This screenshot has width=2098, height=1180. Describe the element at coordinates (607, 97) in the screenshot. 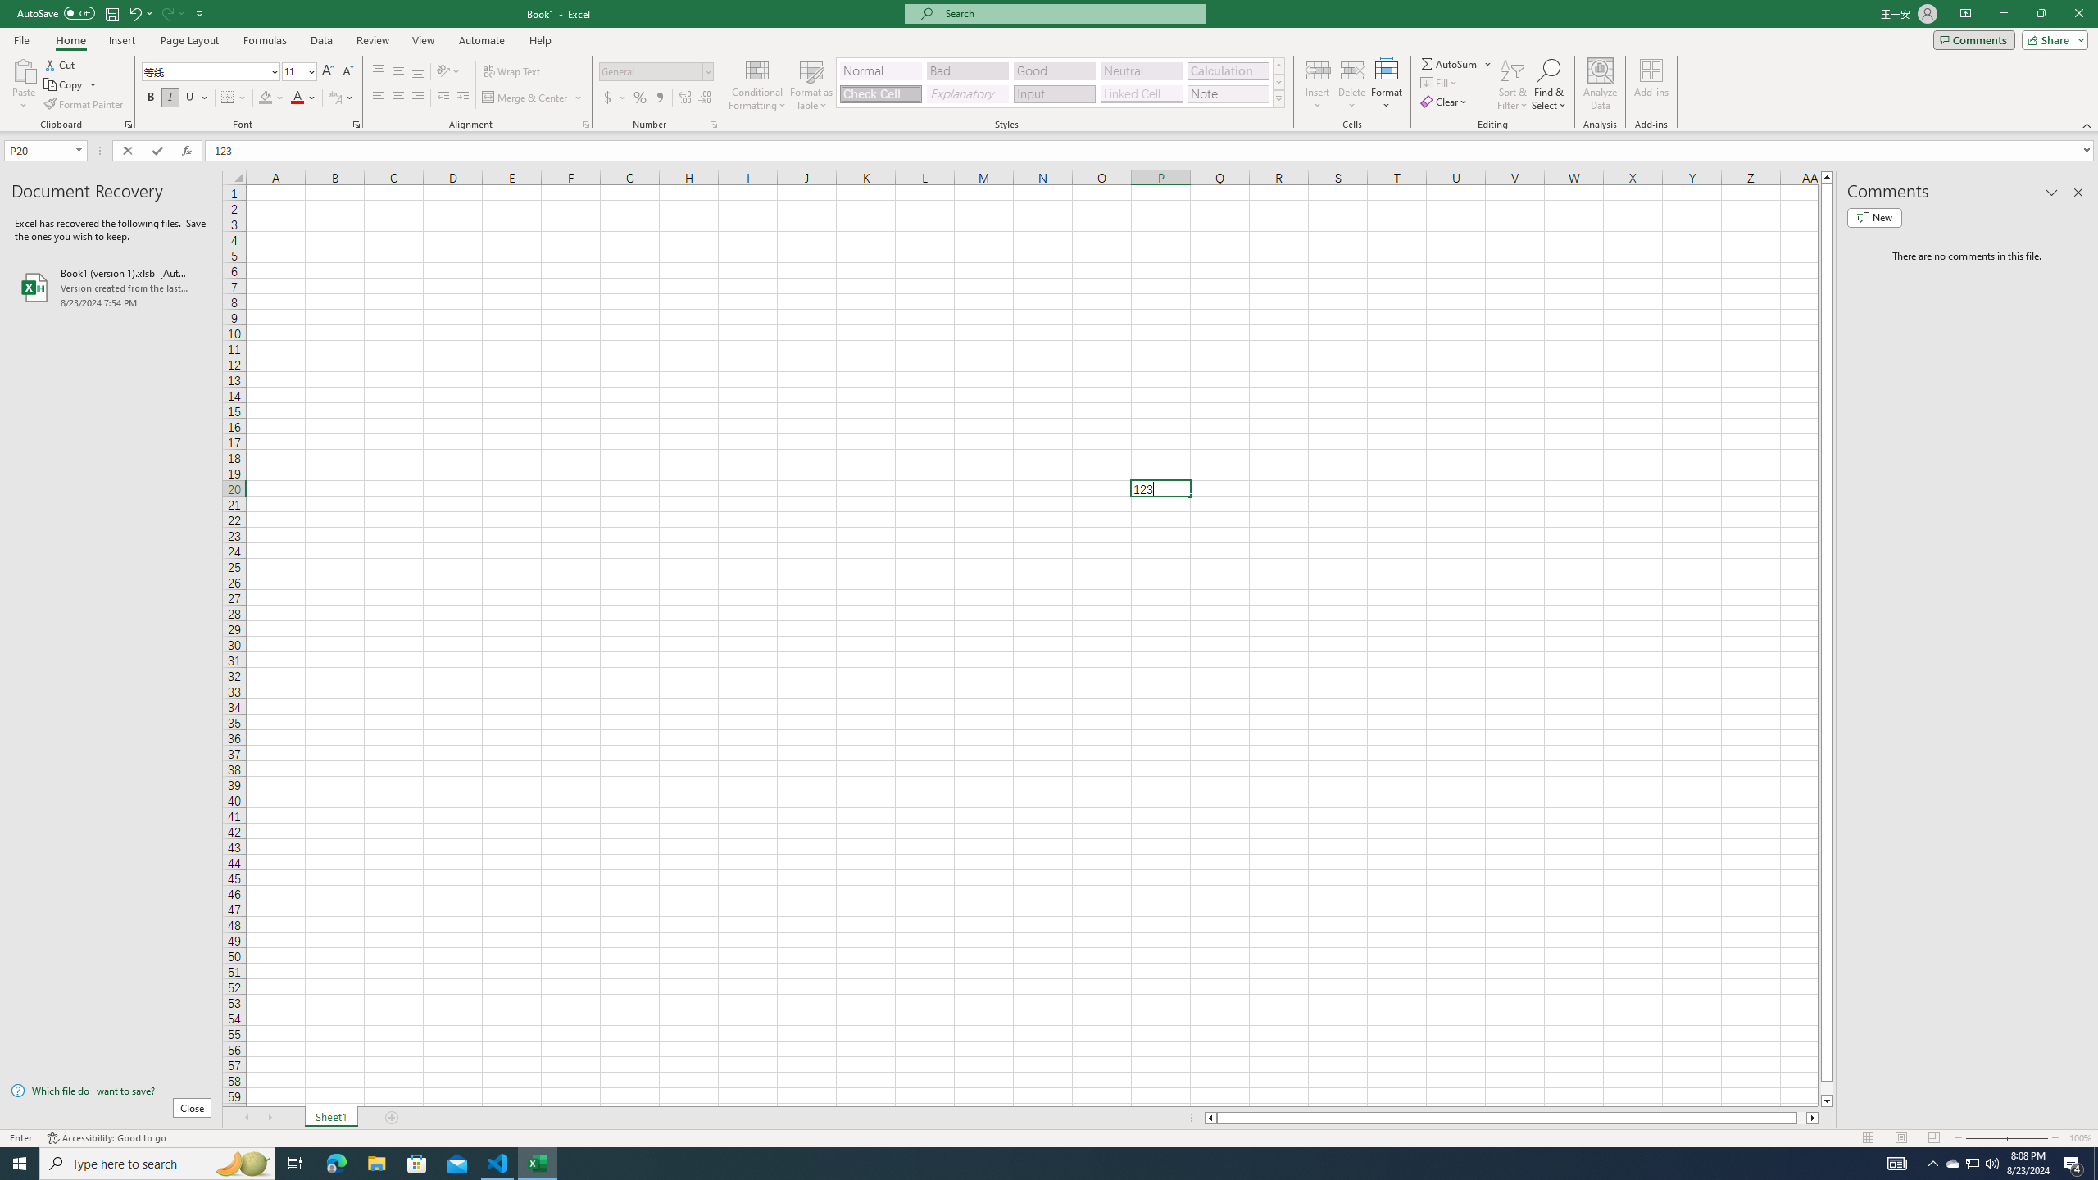

I see `'Accounting Number Format'` at that location.